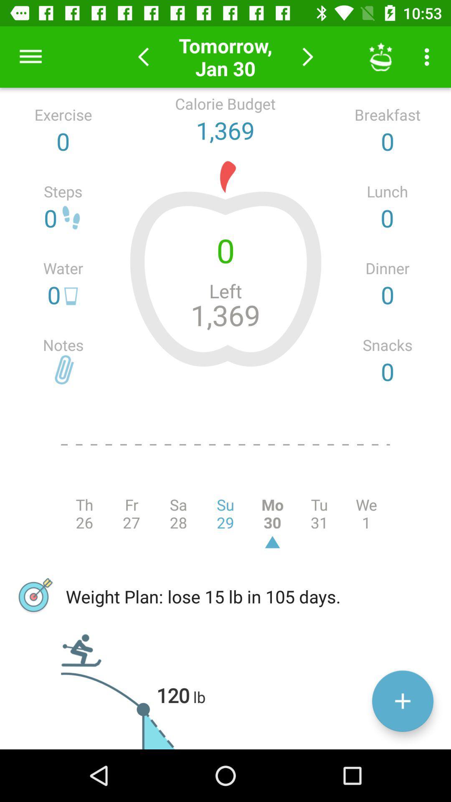 This screenshot has width=451, height=802. I want to click on calories to the budget, so click(402, 701).